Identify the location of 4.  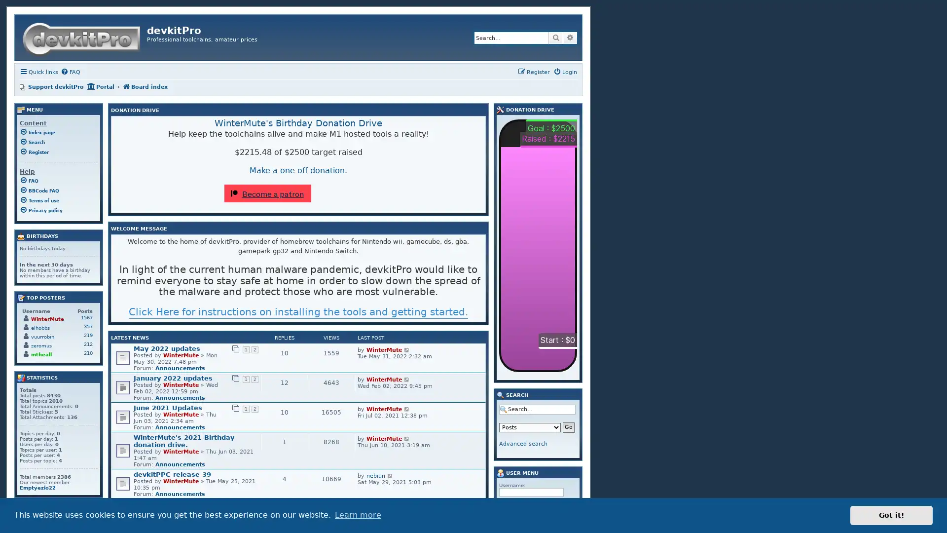
(451, 504).